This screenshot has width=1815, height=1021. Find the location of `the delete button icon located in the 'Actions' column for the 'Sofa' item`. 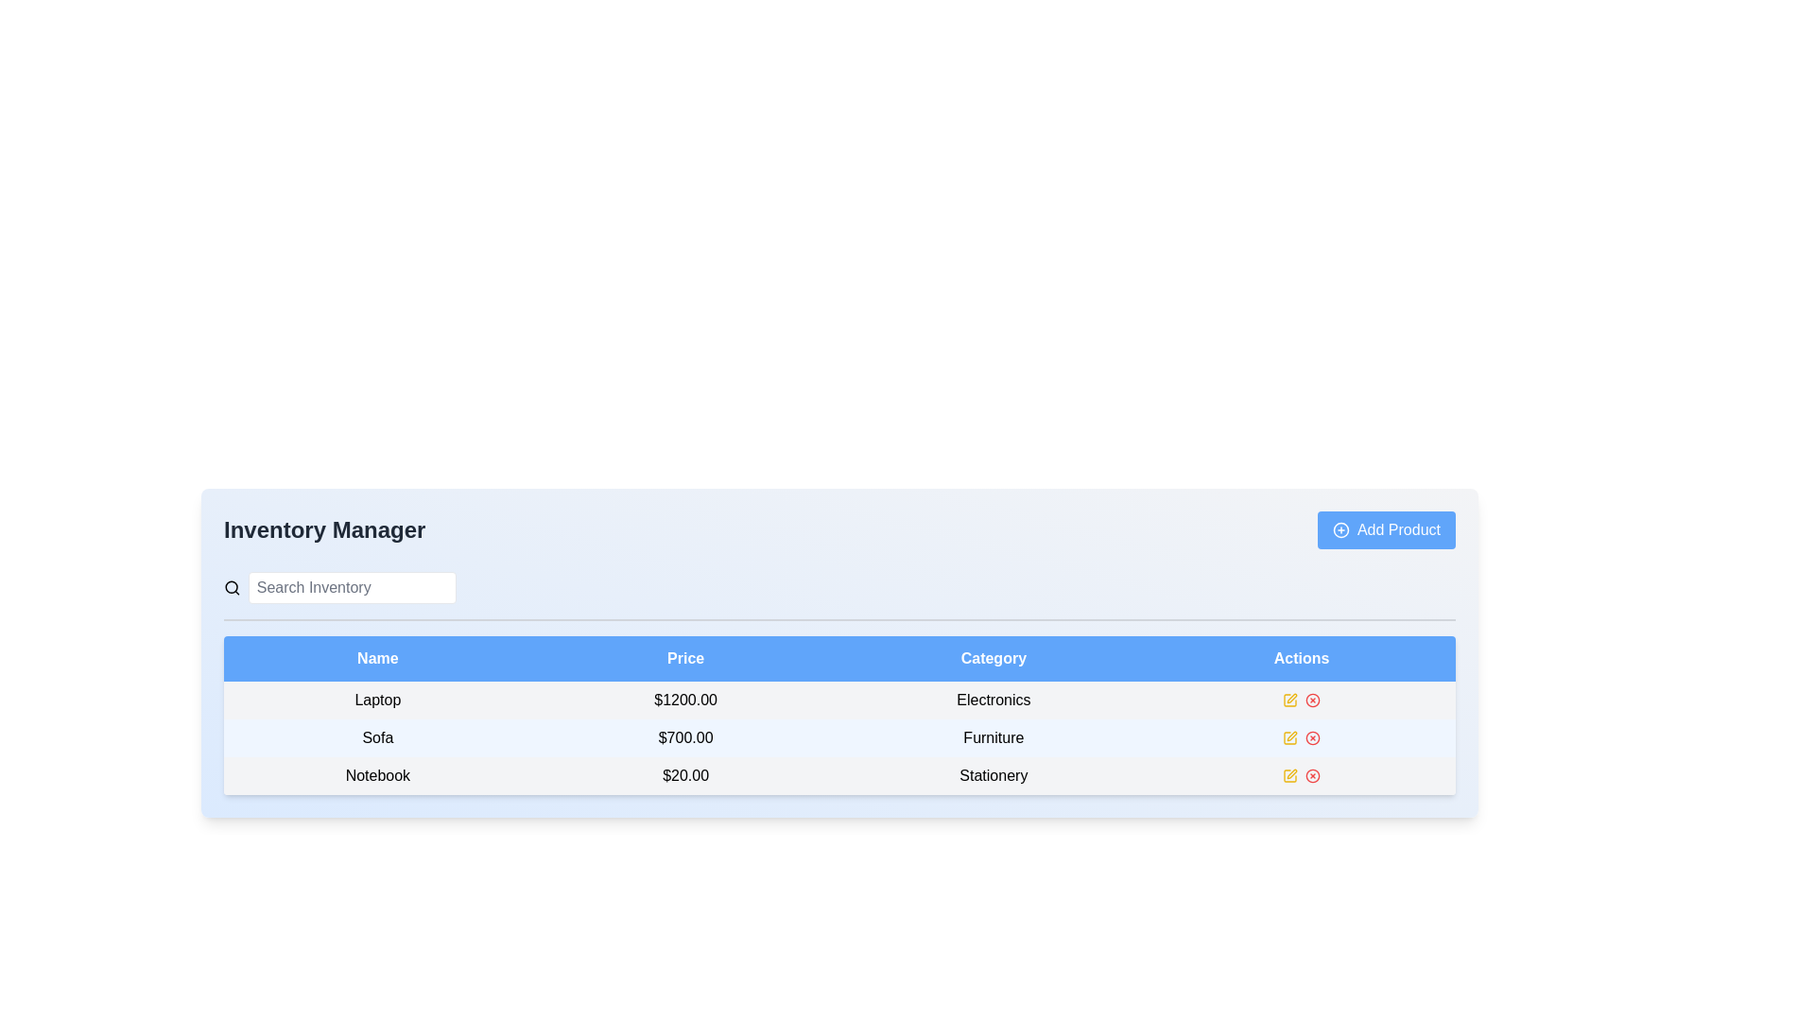

the delete button icon located in the 'Actions' column for the 'Sofa' item is located at coordinates (1312, 736).